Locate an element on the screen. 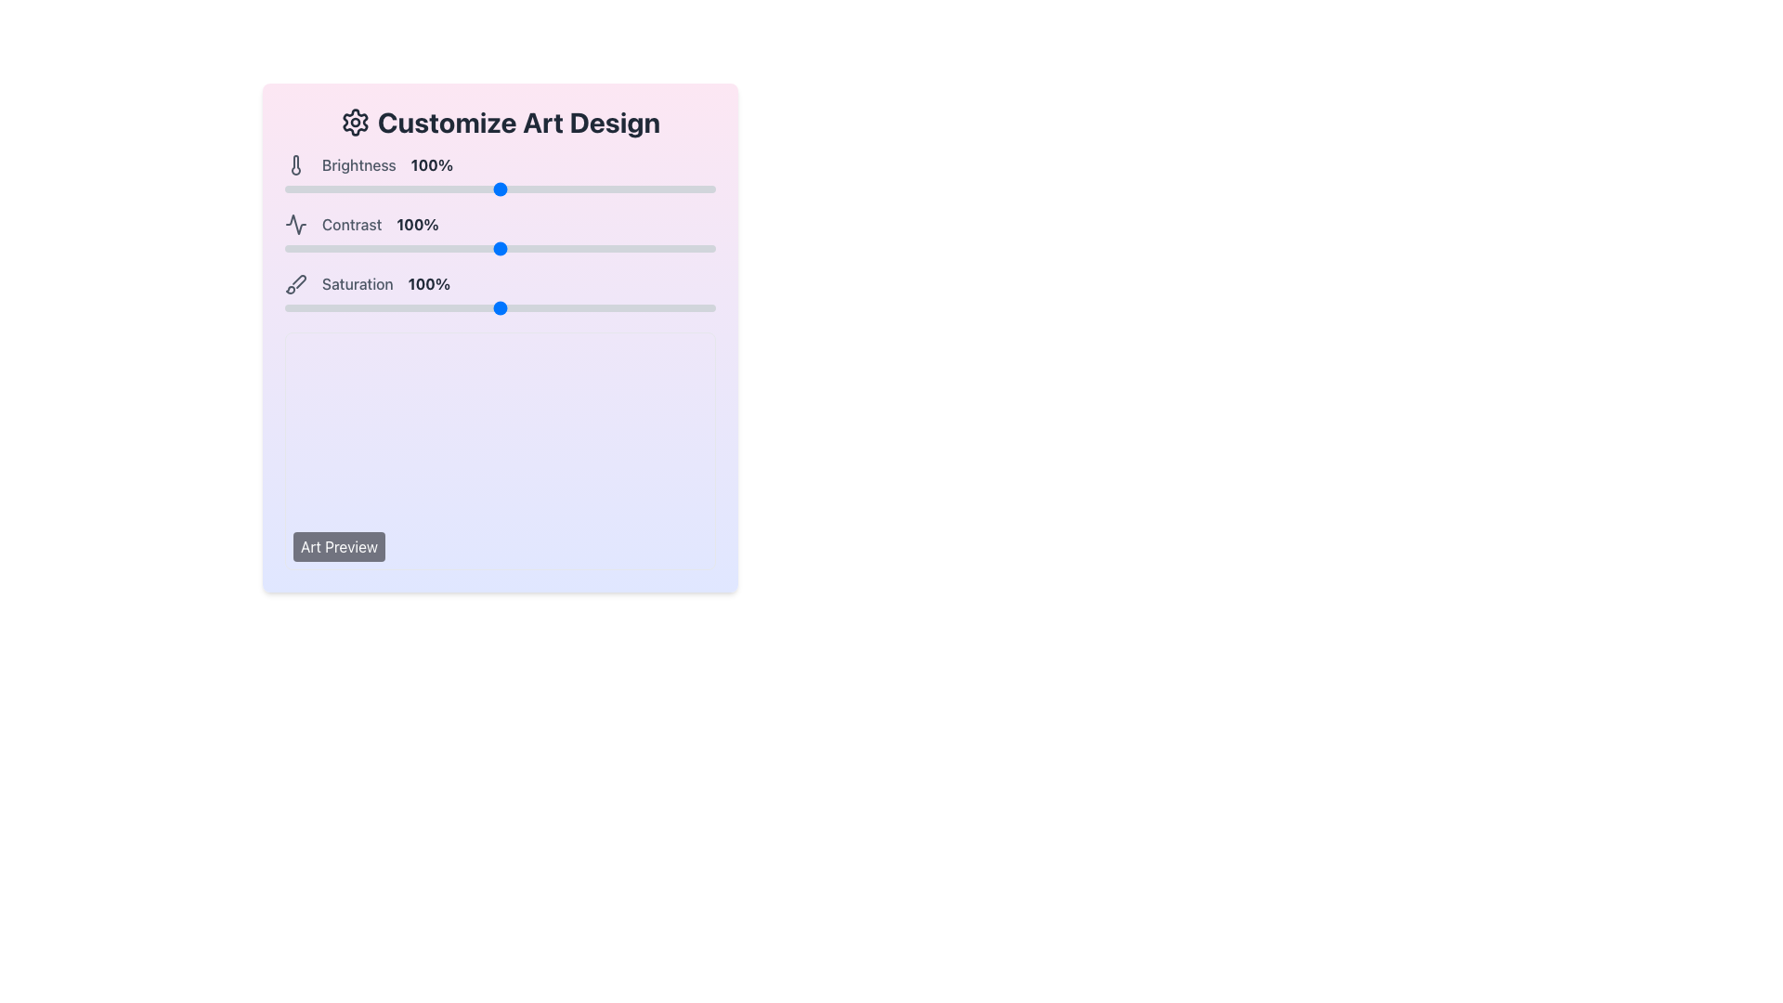  the saturation is located at coordinates (525, 306).